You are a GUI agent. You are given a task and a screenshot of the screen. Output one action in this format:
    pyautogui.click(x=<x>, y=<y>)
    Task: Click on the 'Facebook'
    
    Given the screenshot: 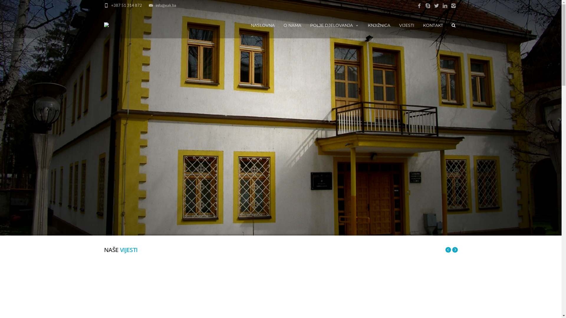 What is the action you would take?
    pyautogui.click(x=400, y=307)
    